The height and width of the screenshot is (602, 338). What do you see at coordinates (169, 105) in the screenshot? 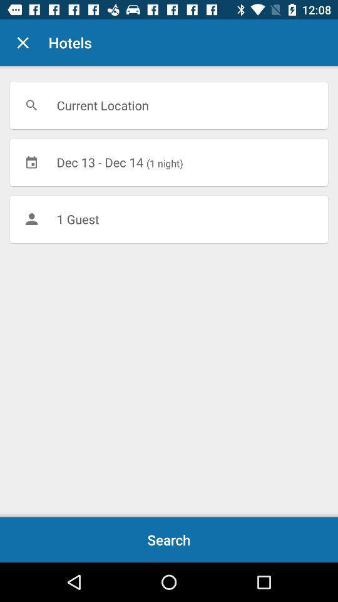
I see `the icon above the dec 13 dec icon` at bounding box center [169, 105].